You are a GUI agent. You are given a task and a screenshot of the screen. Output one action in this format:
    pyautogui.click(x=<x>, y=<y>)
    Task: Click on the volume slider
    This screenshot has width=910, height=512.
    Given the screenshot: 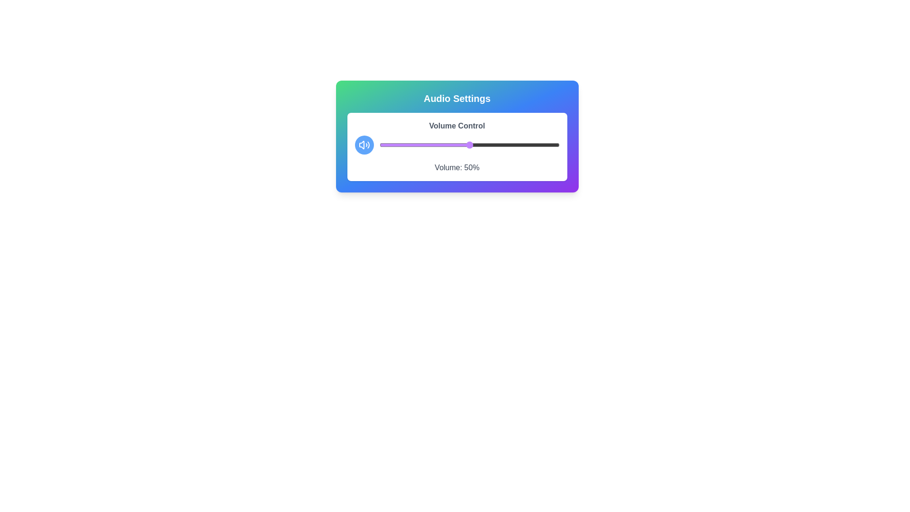 What is the action you would take?
    pyautogui.click(x=546, y=145)
    